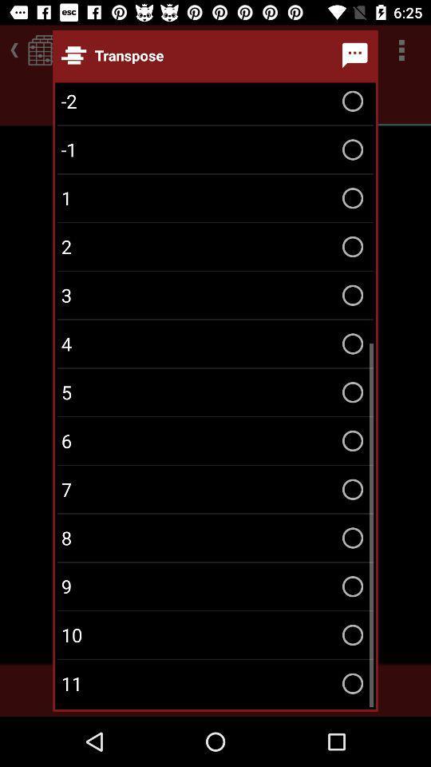 This screenshot has width=431, height=767. I want to click on the 4, so click(215, 344).